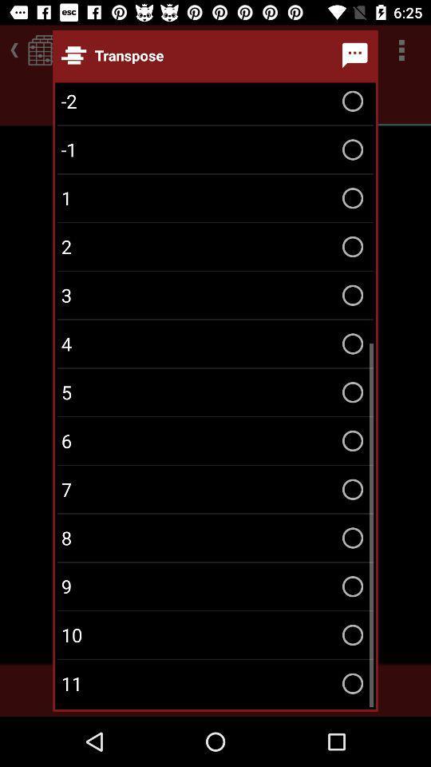 This screenshot has width=431, height=767. I want to click on the 4, so click(215, 344).